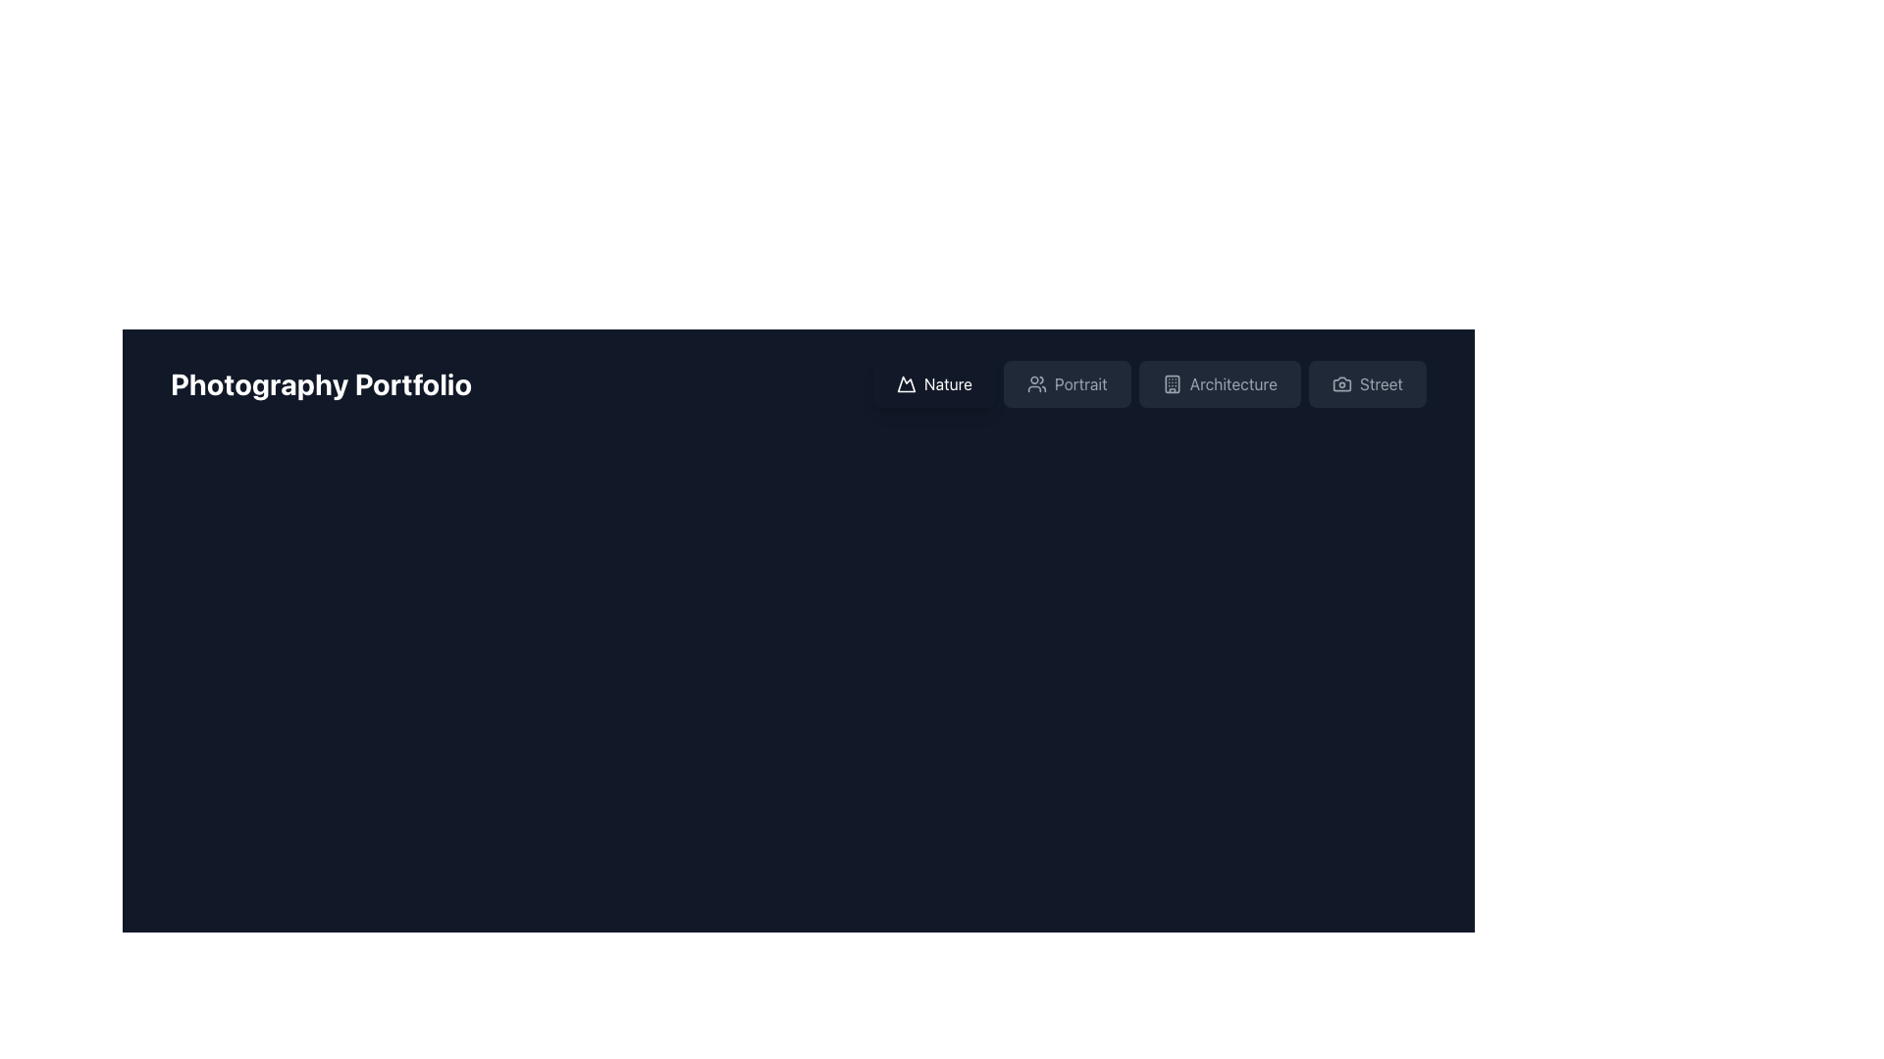  Describe the element at coordinates (1172, 384) in the screenshot. I see `the icon within the 'Architecture' button, which features a stylized building design and is the third button in a row of four in the top-center section of the interface` at that location.